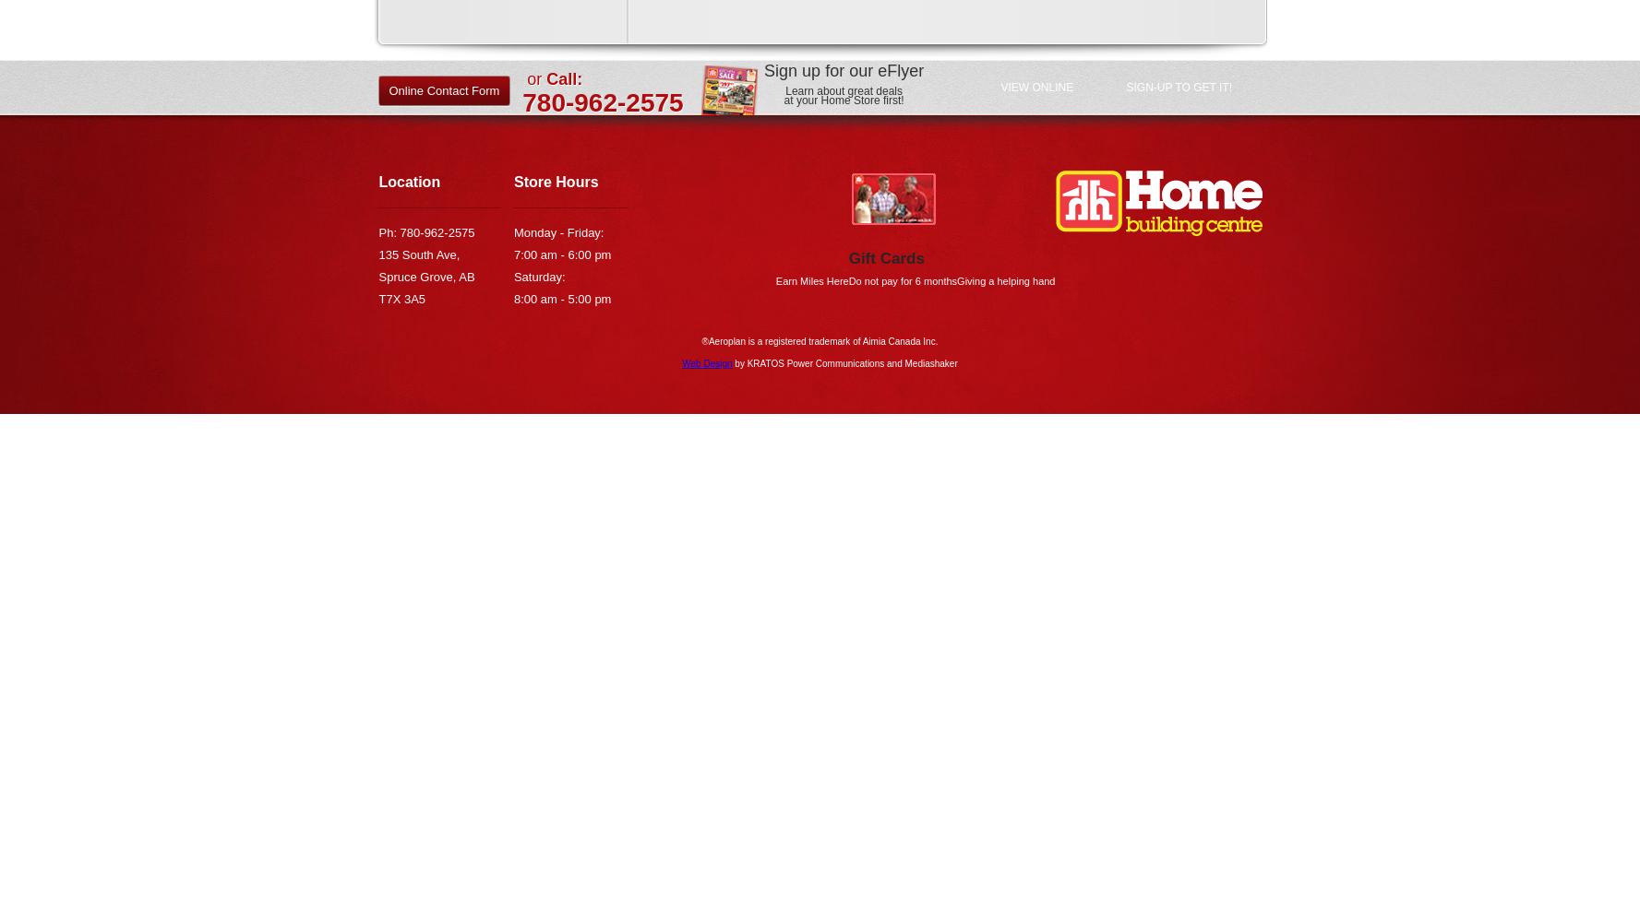  What do you see at coordinates (560, 297) in the screenshot?
I see `'8:00 am - 5:00 pm'` at bounding box center [560, 297].